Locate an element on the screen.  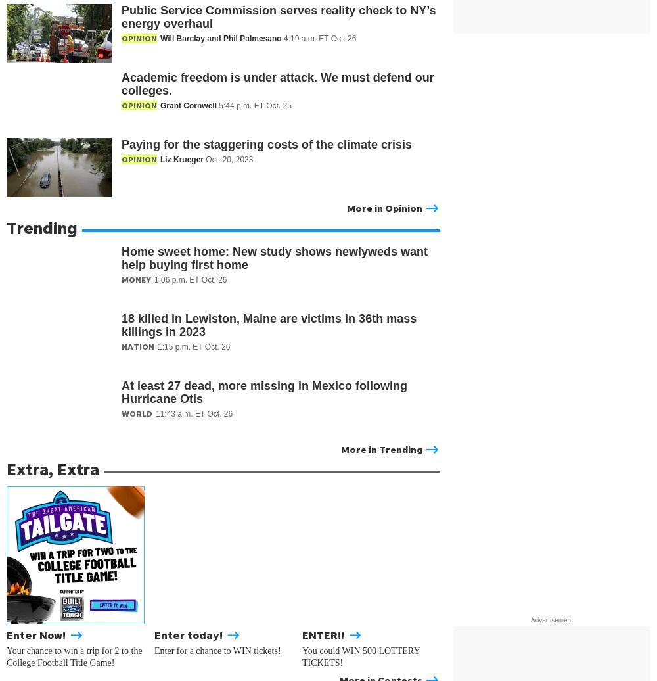
'More in Opinion' is located at coordinates (384, 208).